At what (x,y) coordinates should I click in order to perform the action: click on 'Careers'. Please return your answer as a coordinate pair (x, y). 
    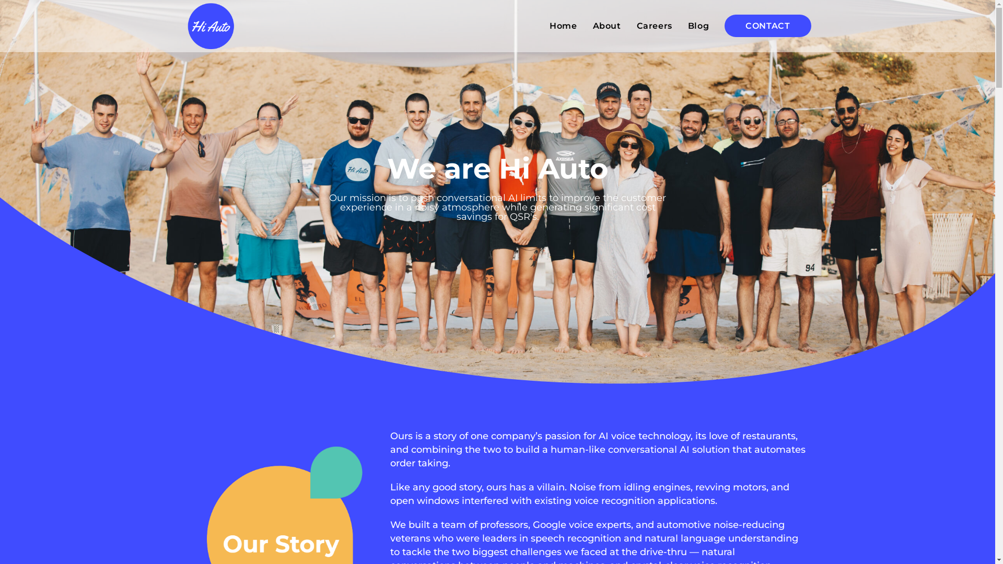
    Looking at the image, I should click on (654, 25).